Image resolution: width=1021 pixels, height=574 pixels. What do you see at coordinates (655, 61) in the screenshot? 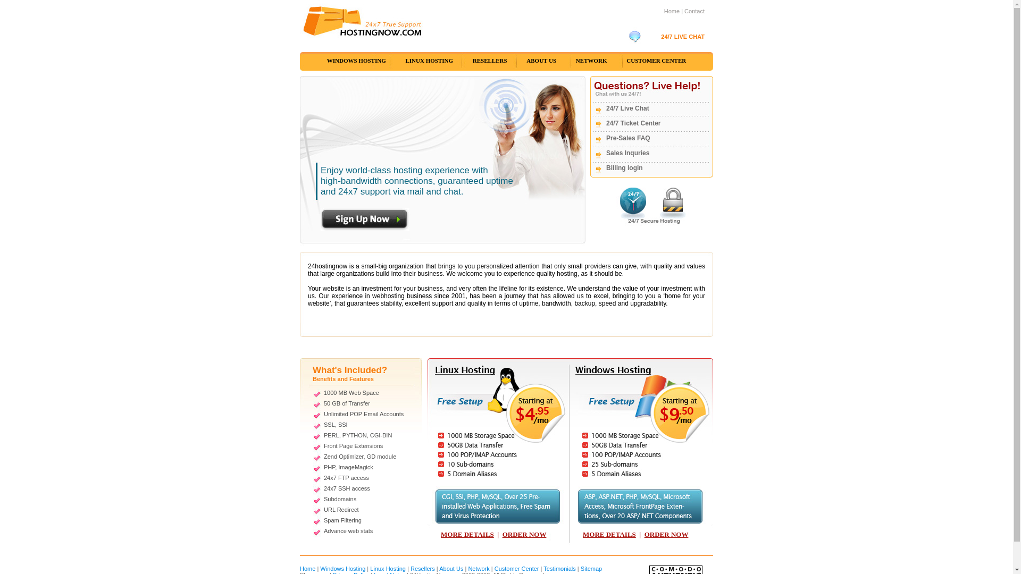
I see `'CUSTOMER CENTER'` at bounding box center [655, 61].